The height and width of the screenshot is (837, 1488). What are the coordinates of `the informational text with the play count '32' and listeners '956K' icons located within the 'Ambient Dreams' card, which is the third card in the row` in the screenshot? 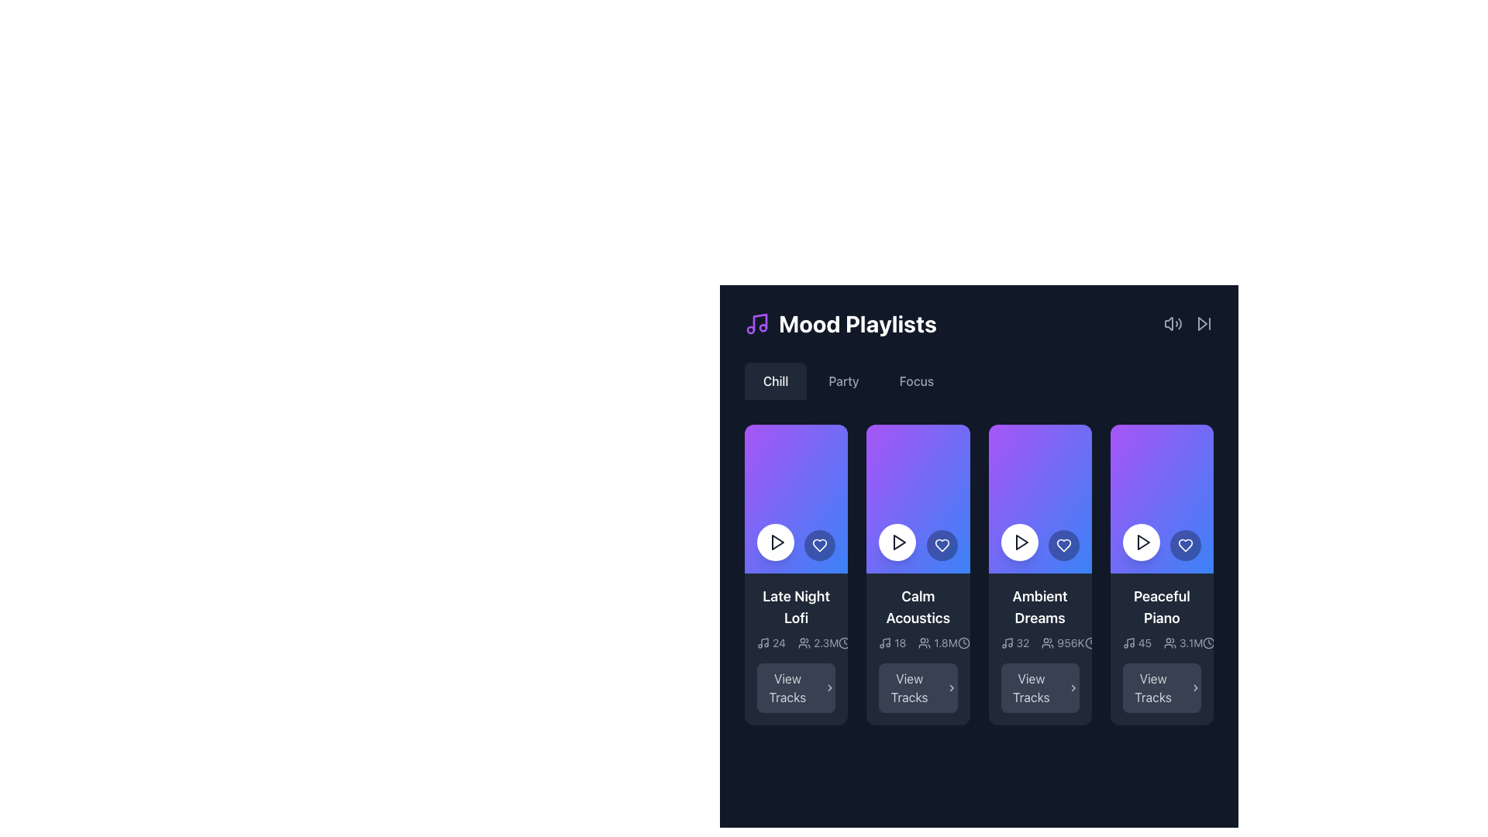 It's located at (1042, 642).